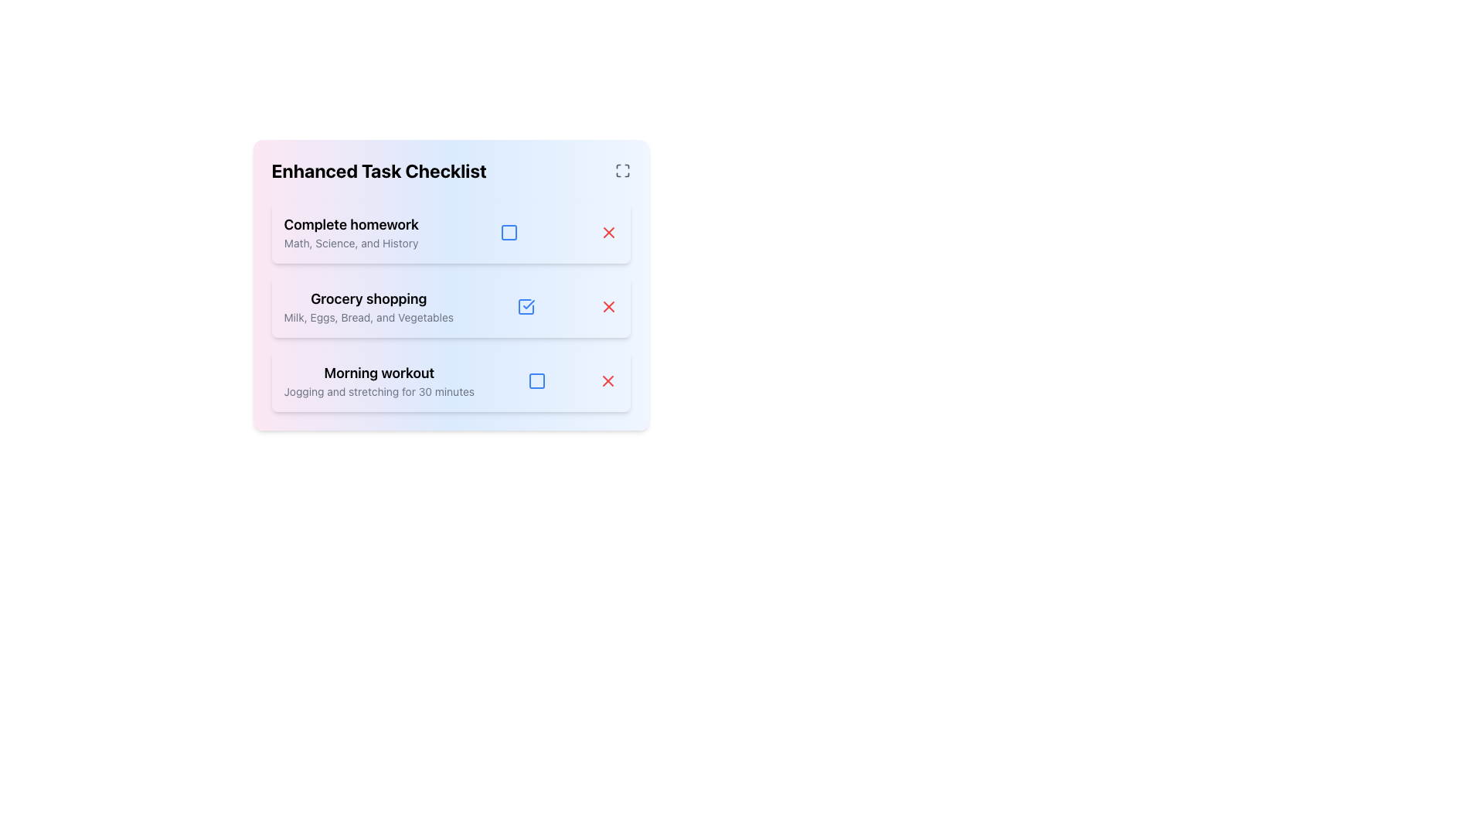 This screenshot has height=835, width=1484. Describe the element at coordinates (608, 381) in the screenshot. I see `the delete button located at the rightmost position in the row for the 'Morning workout' task` at that location.